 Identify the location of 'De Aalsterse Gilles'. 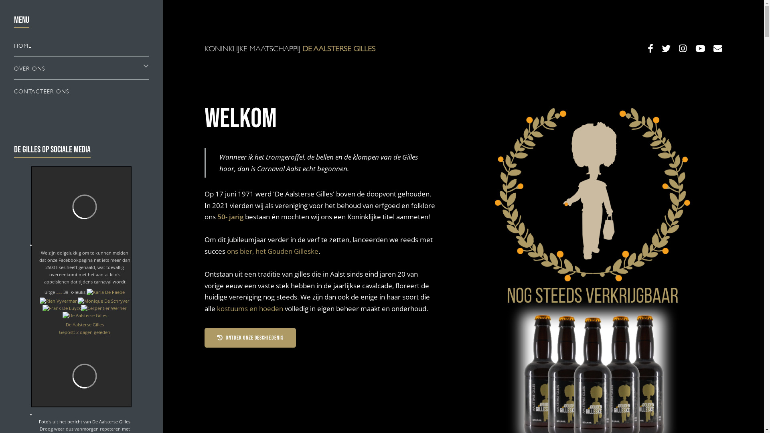
(65, 324).